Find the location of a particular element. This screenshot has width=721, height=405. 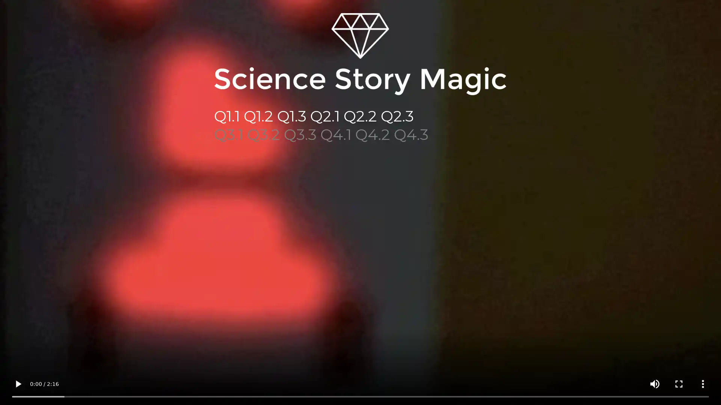

show more media controls is located at coordinates (703, 384).